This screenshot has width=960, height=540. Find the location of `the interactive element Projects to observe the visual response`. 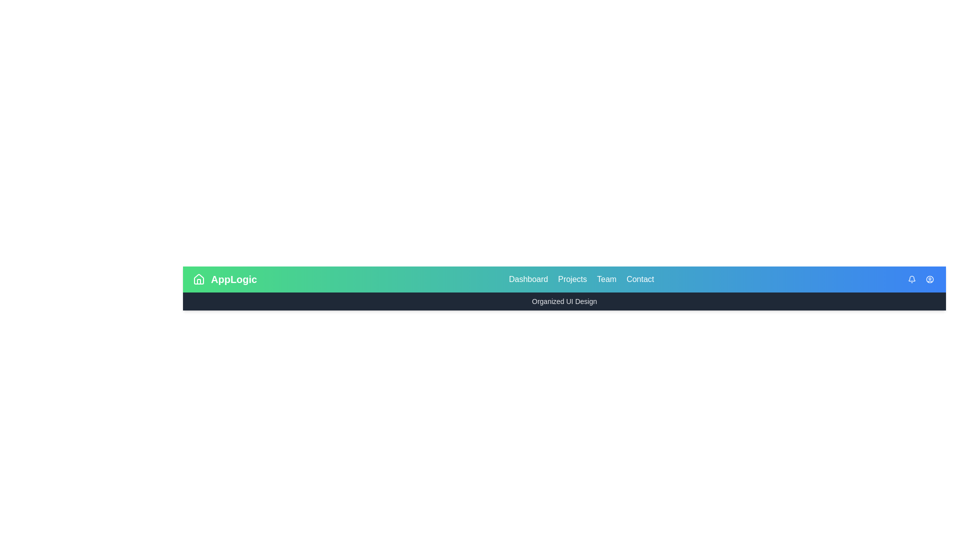

the interactive element Projects to observe the visual response is located at coordinates (572, 279).